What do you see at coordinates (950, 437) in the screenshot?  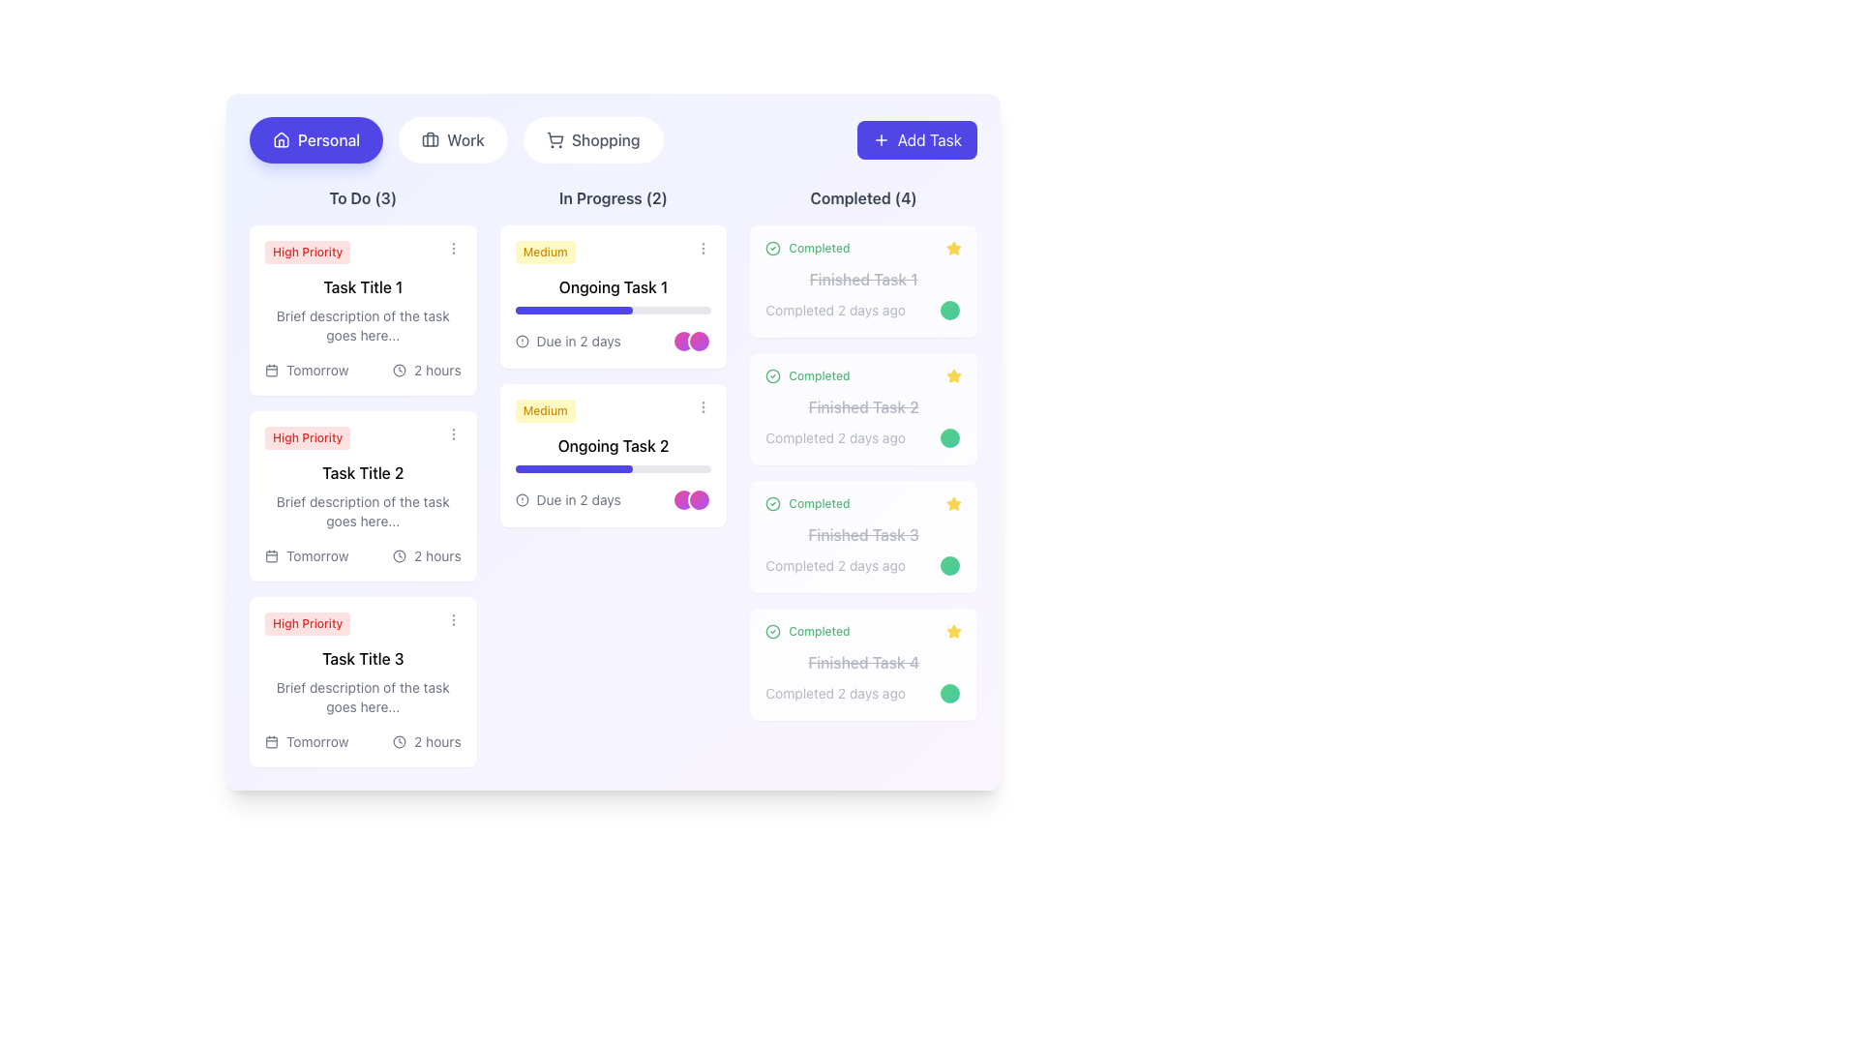 I see `the small, circular State indicator badge with a gradient background located at the far-right side of the 'Completed Task 2' section, aligned with the text 'Completed 2 days ago.'` at bounding box center [950, 437].